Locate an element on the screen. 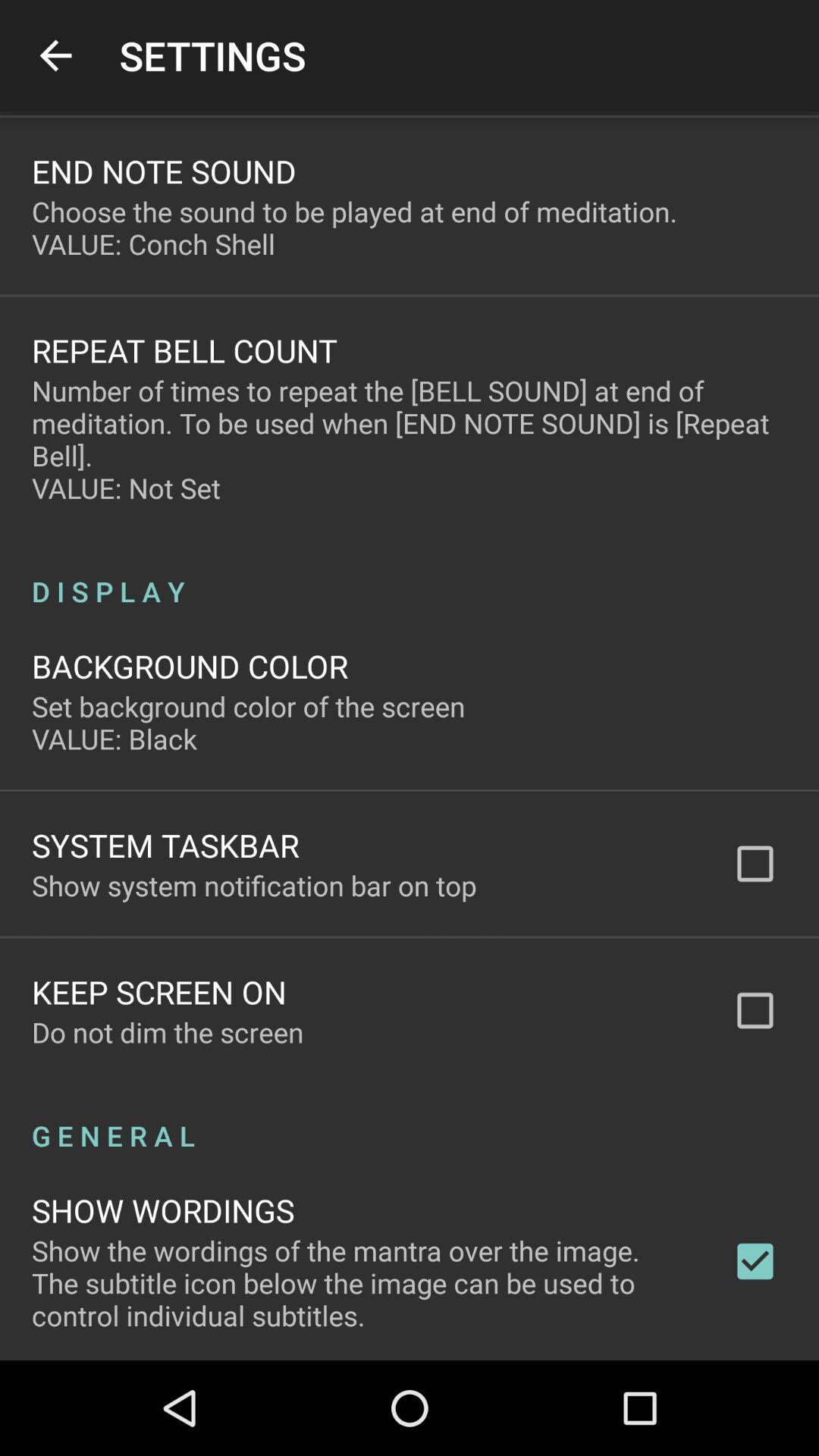 This screenshot has width=819, height=1456. do not dim icon is located at coordinates (168, 1031).